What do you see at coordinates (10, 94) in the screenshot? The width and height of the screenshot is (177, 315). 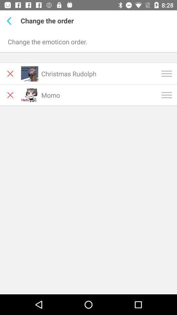 I see `delete` at bounding box center [10, 94].